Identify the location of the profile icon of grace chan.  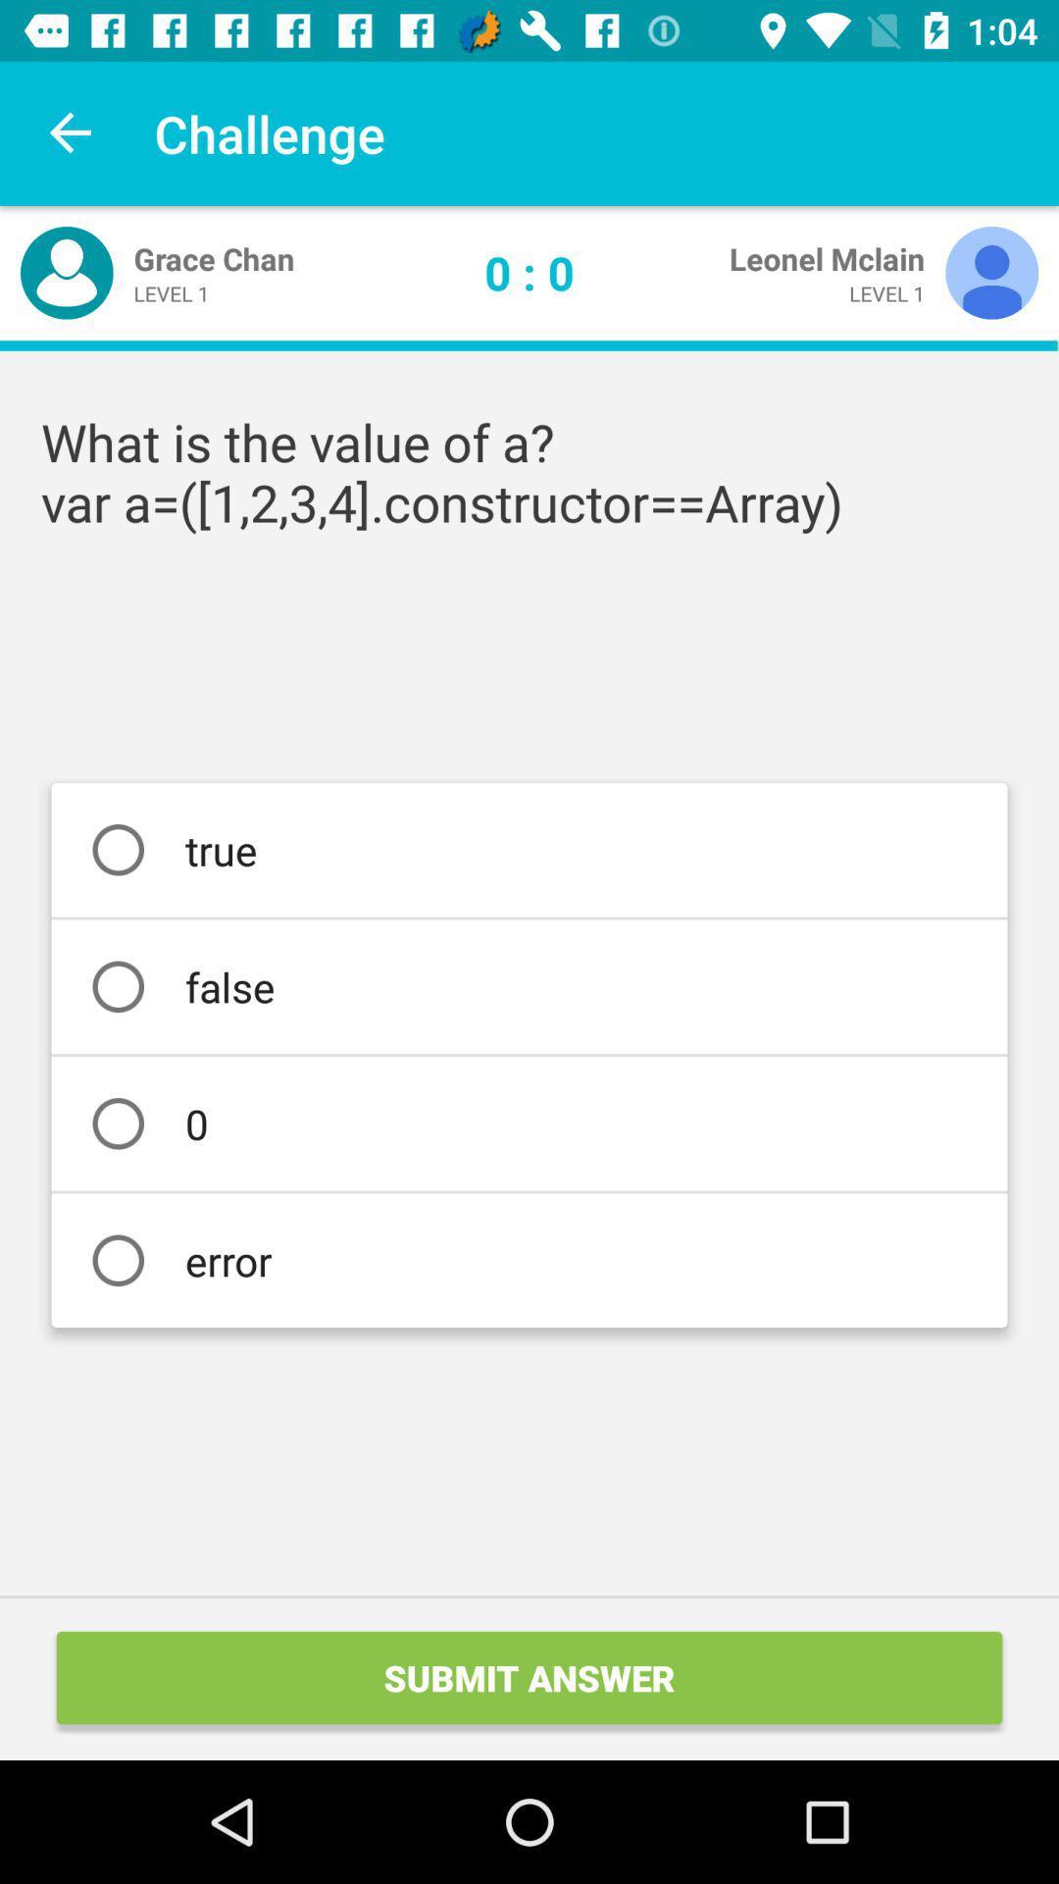
(66, 272).